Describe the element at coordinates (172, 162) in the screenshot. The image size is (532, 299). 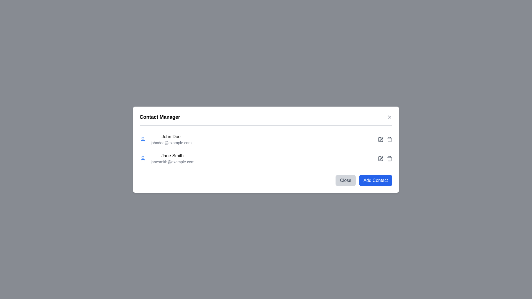
I see `the email address 'janesmith@example.com' displayed in gray color, which is located directly beneath the name 'Jane Smith' in the contact list` at that location.